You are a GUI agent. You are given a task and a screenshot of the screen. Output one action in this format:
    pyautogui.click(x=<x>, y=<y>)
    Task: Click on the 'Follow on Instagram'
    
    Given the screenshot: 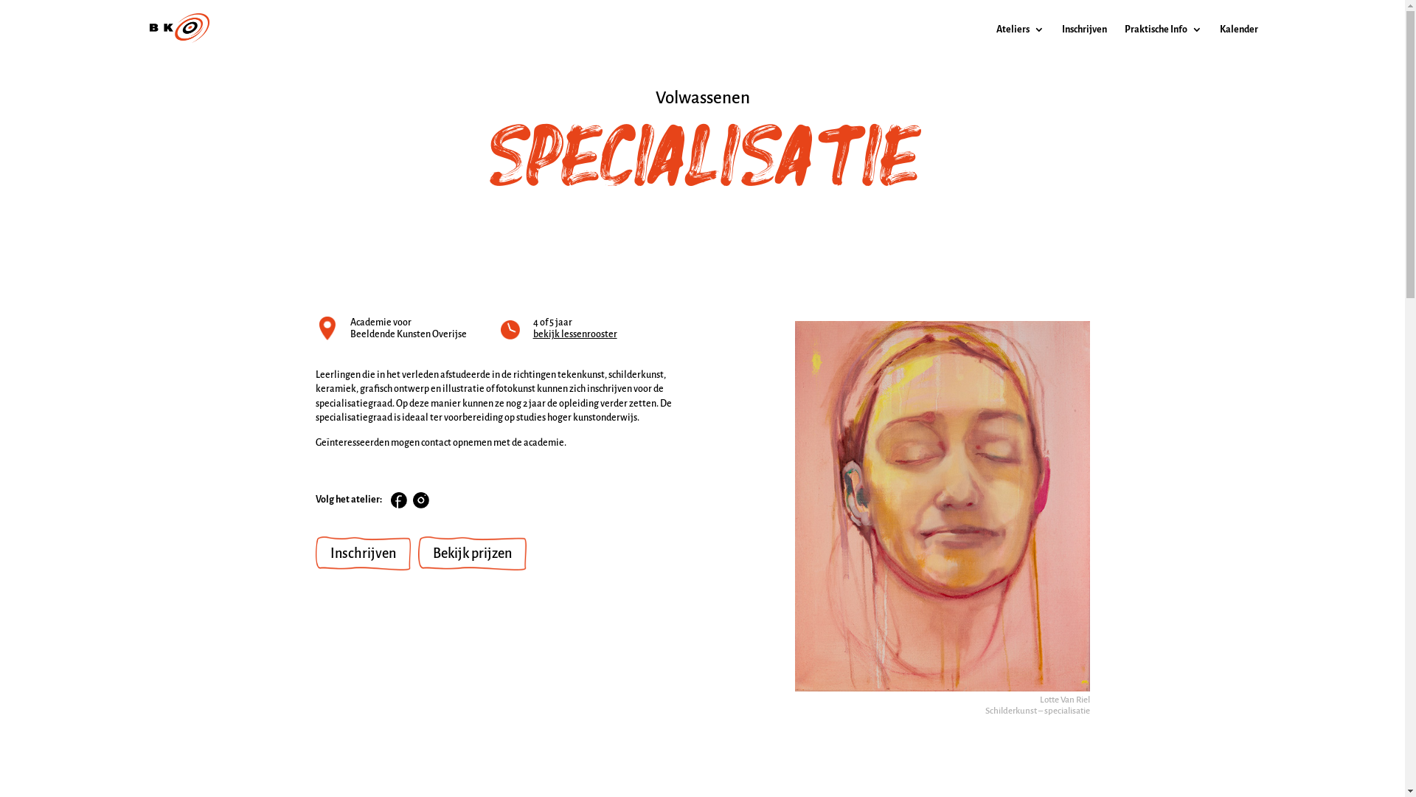 What is the action you would take?
    pyautogui.click(x=413, y=500)
    